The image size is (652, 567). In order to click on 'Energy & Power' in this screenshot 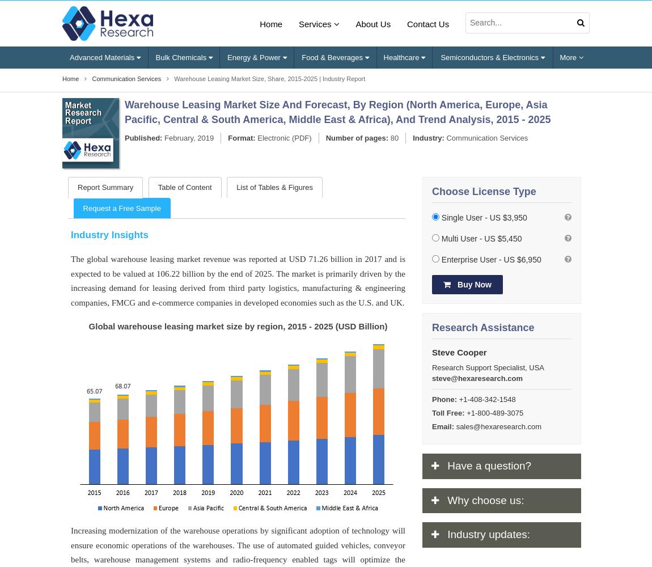, I will do `click(255, 56)`.